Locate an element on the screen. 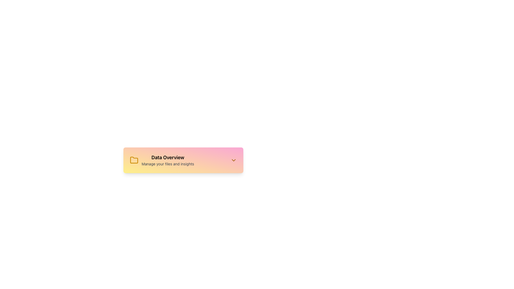 The height and width of the screenshot is (289, 514). the 'Data Overview' element, which includes a folder icon and a dropdown arrow, for potential navigation is located at coordinates (183, 160).